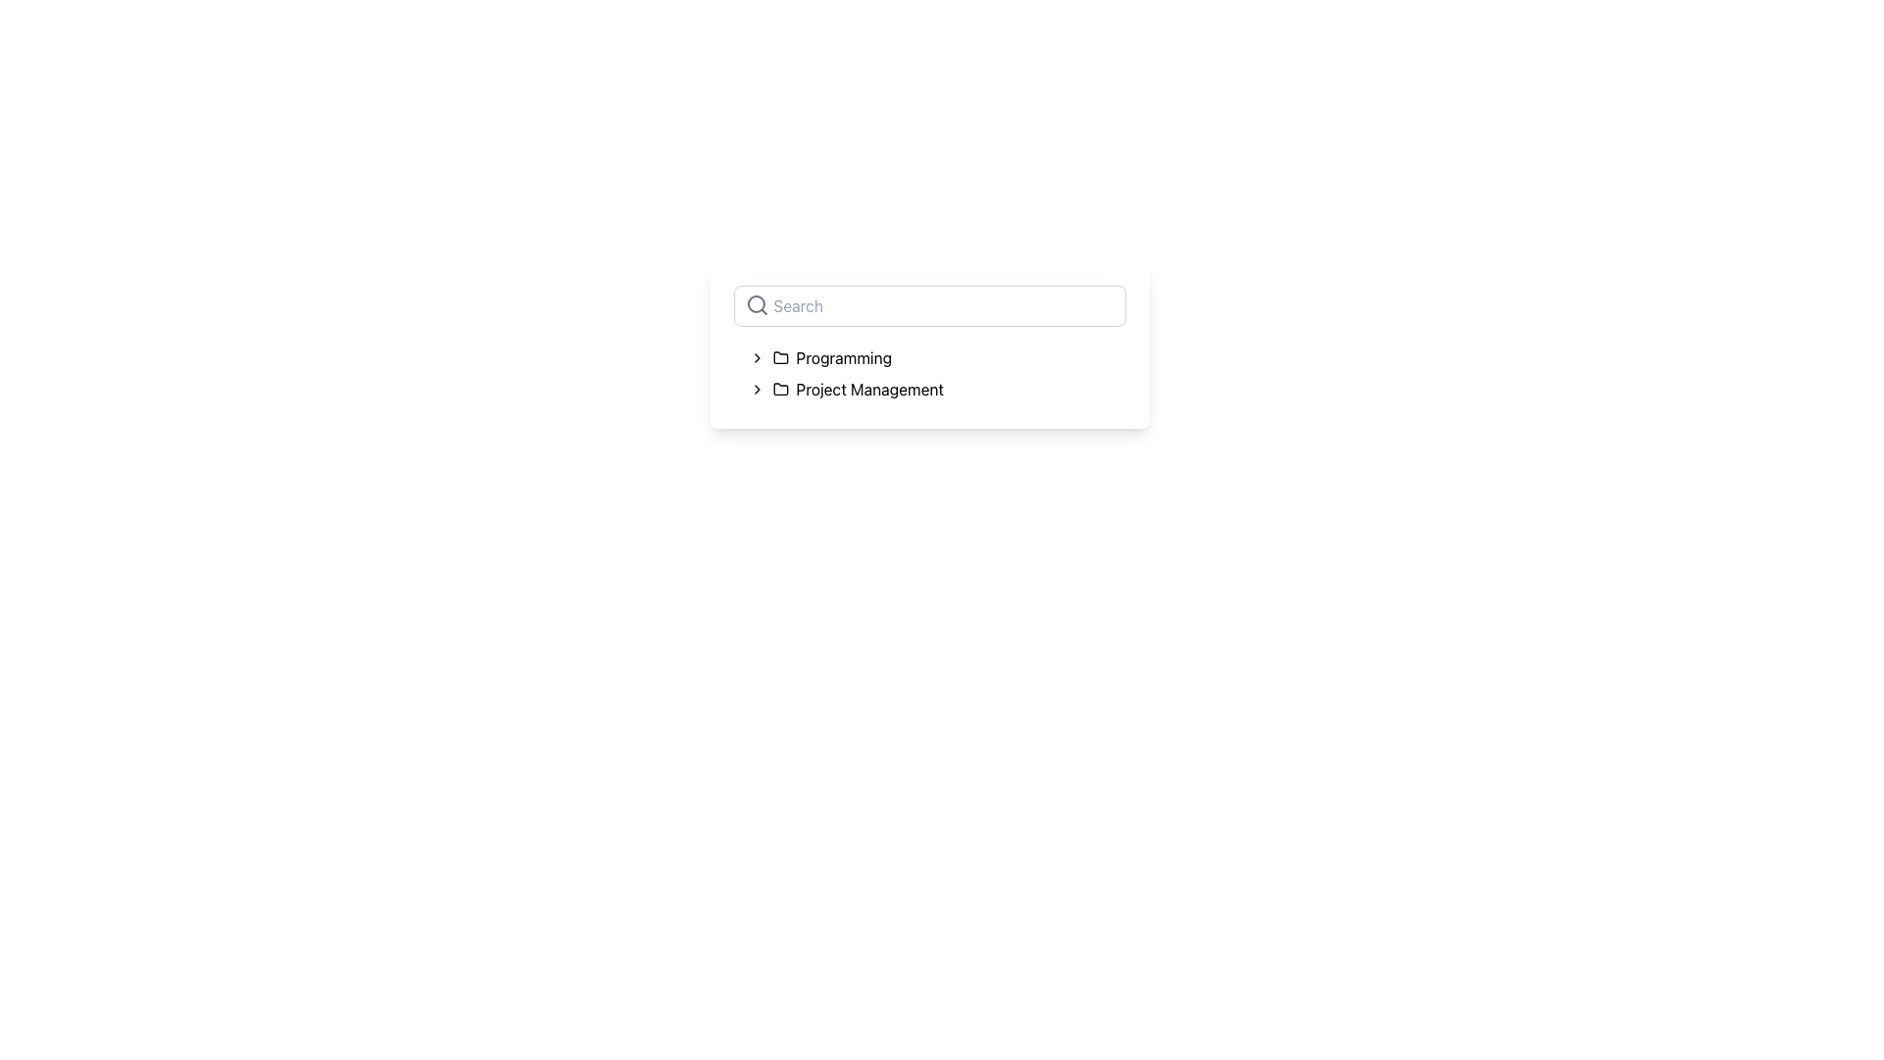  Describe the element at coordinates (779, 389) in the screenshot. I see `the folder icon located immediately to the left of the label 'Project Management', which is the second folder icon in the vertical list` at that location.